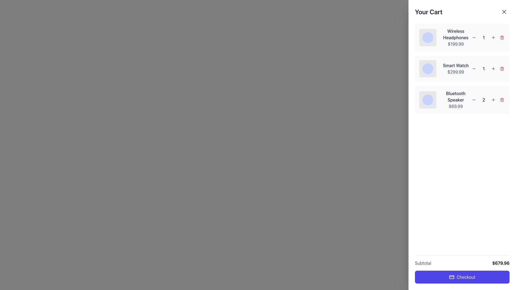  I want to click on the text label displaying the price '$299.99' located below 'Smart Watch' in the shopping cart interface, so click(455, 71).